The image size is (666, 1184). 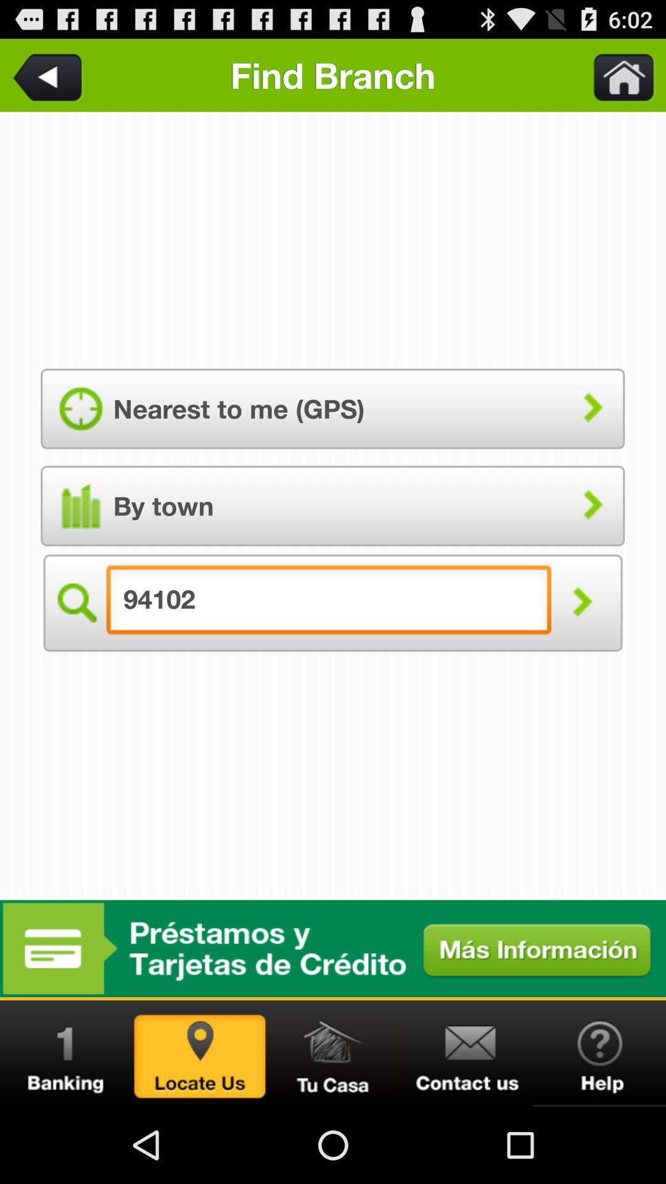 I want to click on help, so click(x=599, y=1053).